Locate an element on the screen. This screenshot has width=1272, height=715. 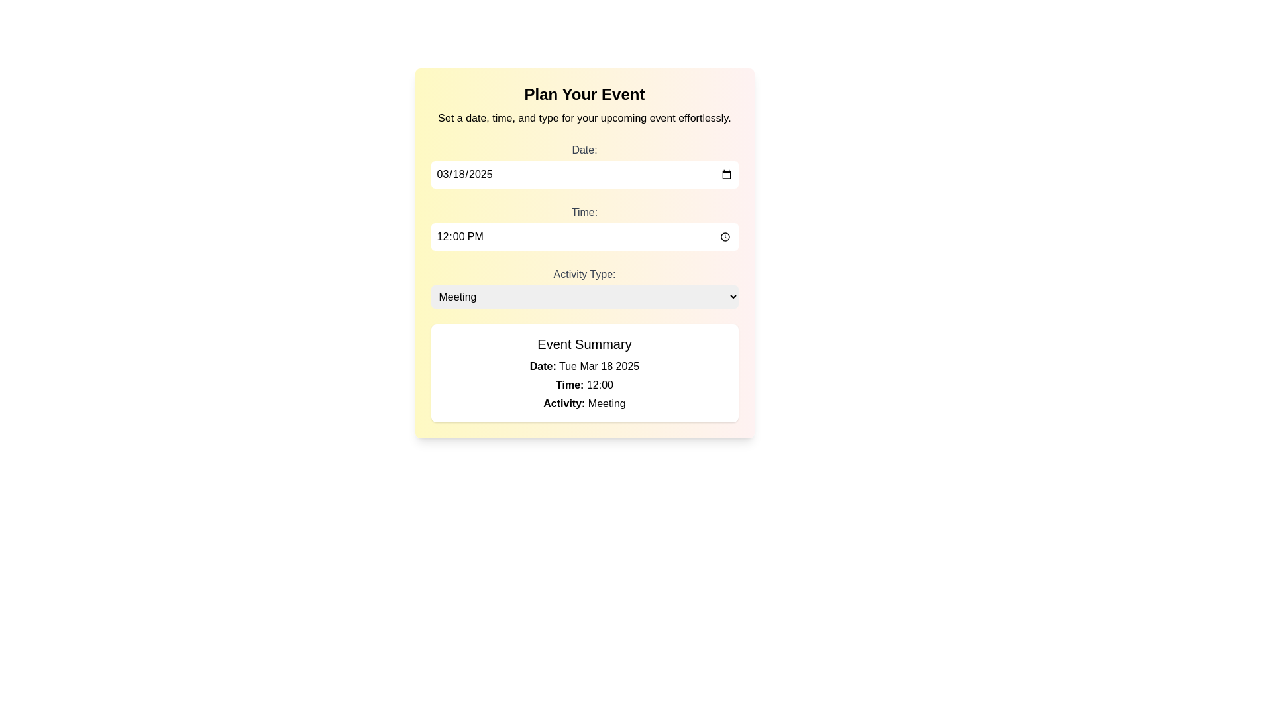
the static informational text displaying the scheduled time of an event, located centrally in the 'Event Summary' panel between 'Date: Tue Mar 18 2025' and 'Activity: Meeting' is located at coordinates (584, 385).